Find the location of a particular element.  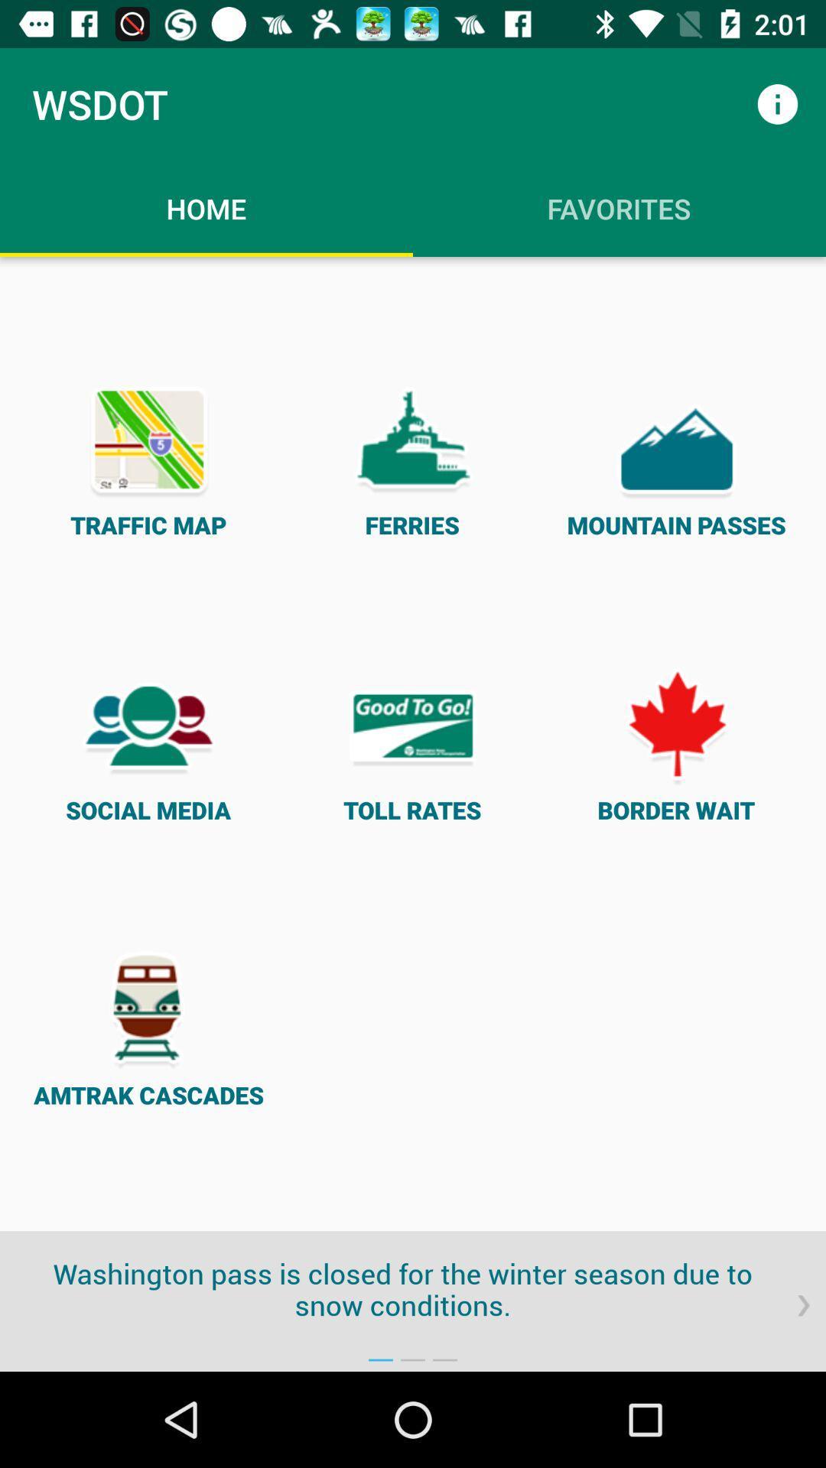

ferries item is located at coordinates (411, 458).